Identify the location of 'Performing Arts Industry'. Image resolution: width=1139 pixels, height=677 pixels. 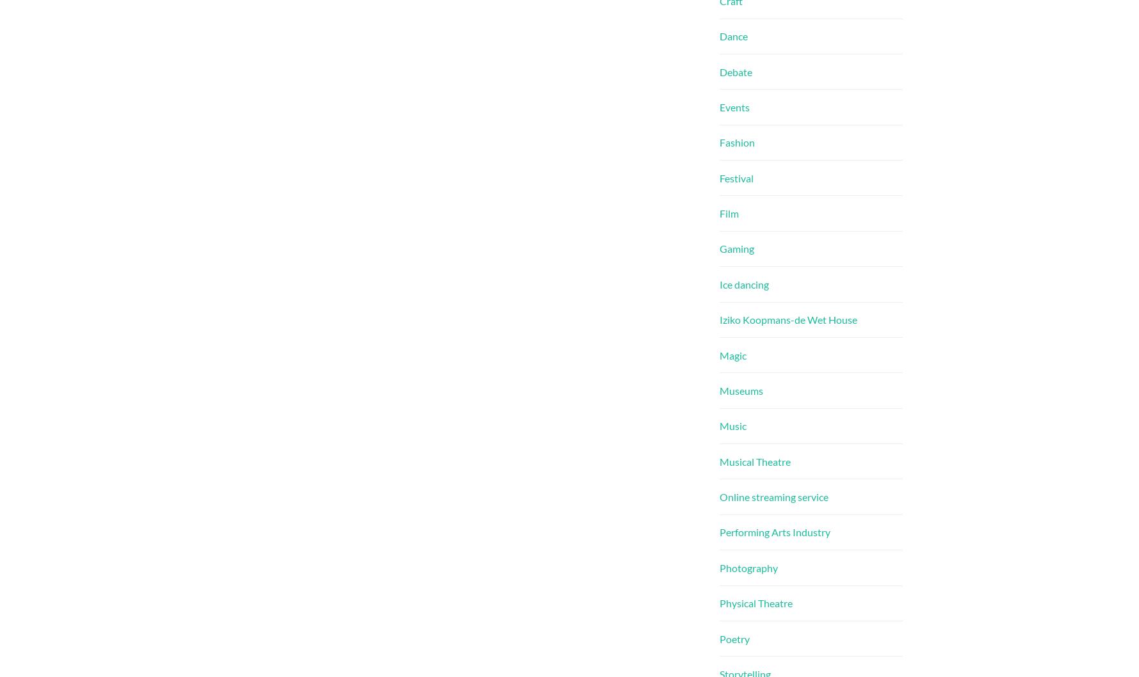
(719, 531).